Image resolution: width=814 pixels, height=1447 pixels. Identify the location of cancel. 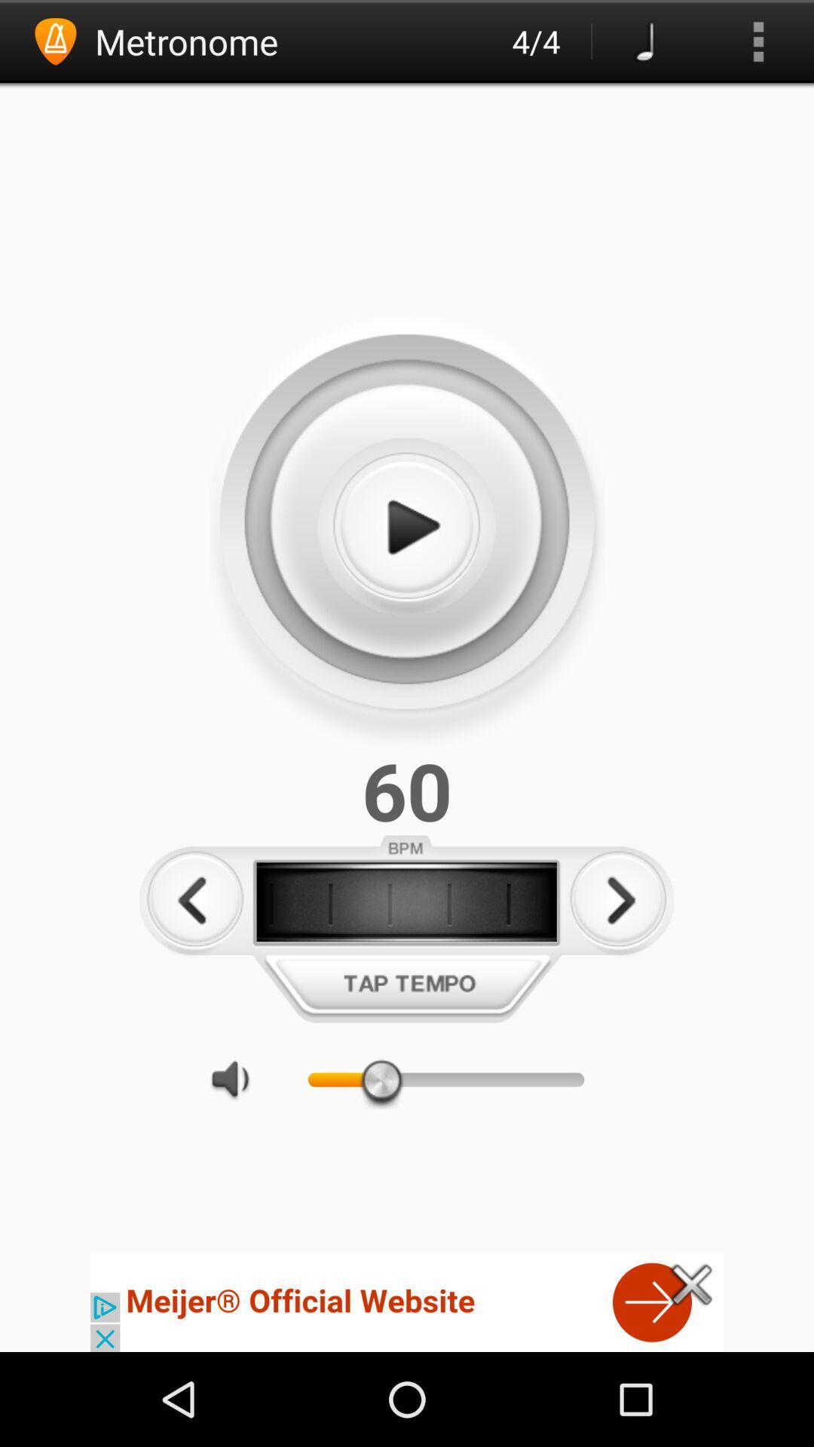
(692, 1283).